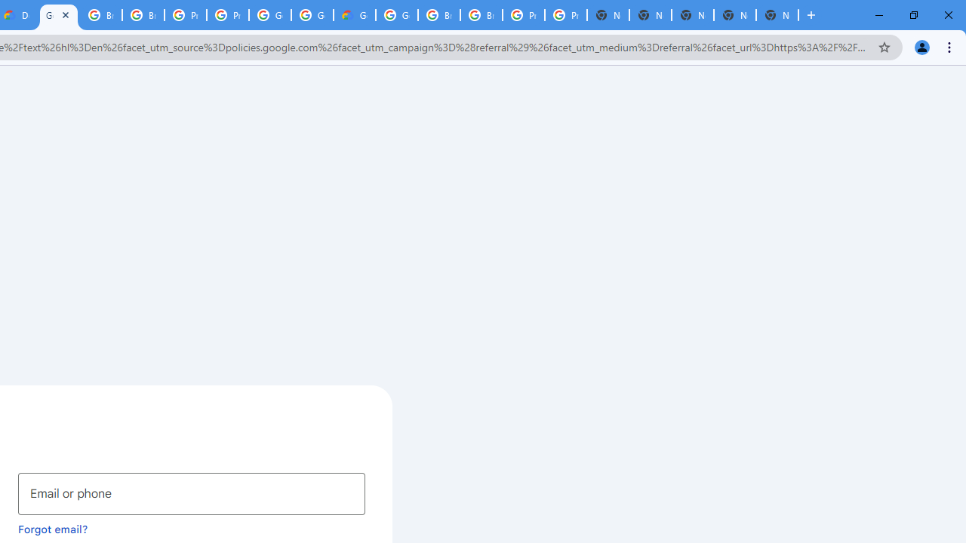 The image size is (966, 543). Describe the element at coordinates (312, 15) in the screenshot. I see `'Google Cloud Platform'` at that location.